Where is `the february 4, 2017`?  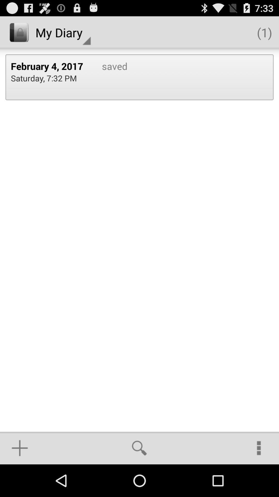 the february 4, 2017 is located at coordinates (51, 66).